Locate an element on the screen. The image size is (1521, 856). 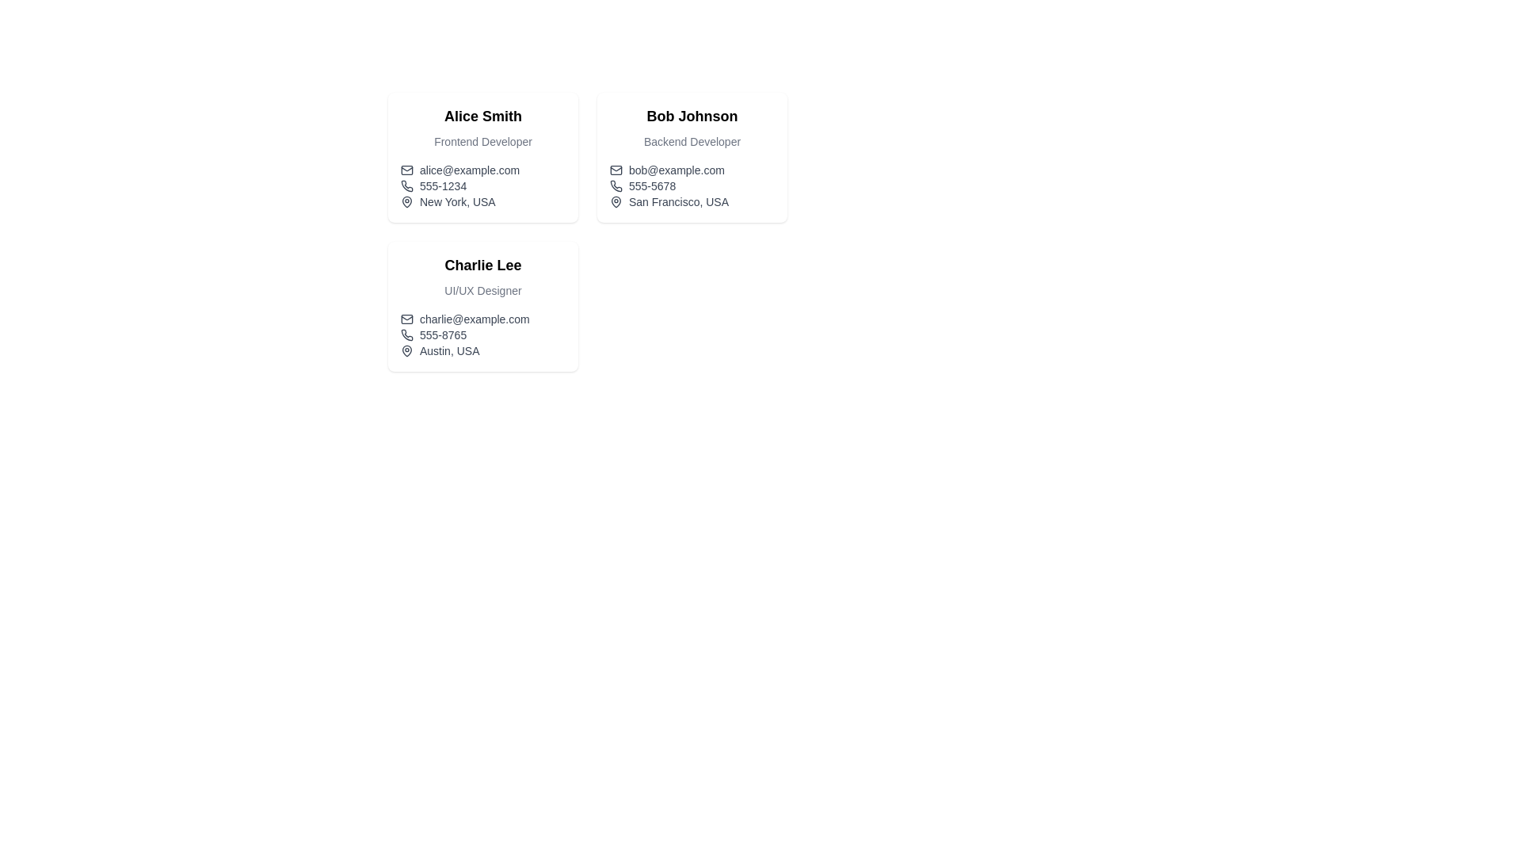
the header text element located at the top of the first user profile card, which indicates the name of the individual is located at coordinates (482, 115).